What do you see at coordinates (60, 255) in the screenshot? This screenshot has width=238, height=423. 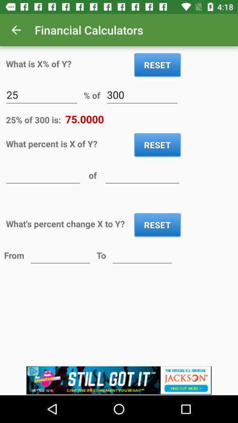 I see `from name` at bounding box center [60, 255].